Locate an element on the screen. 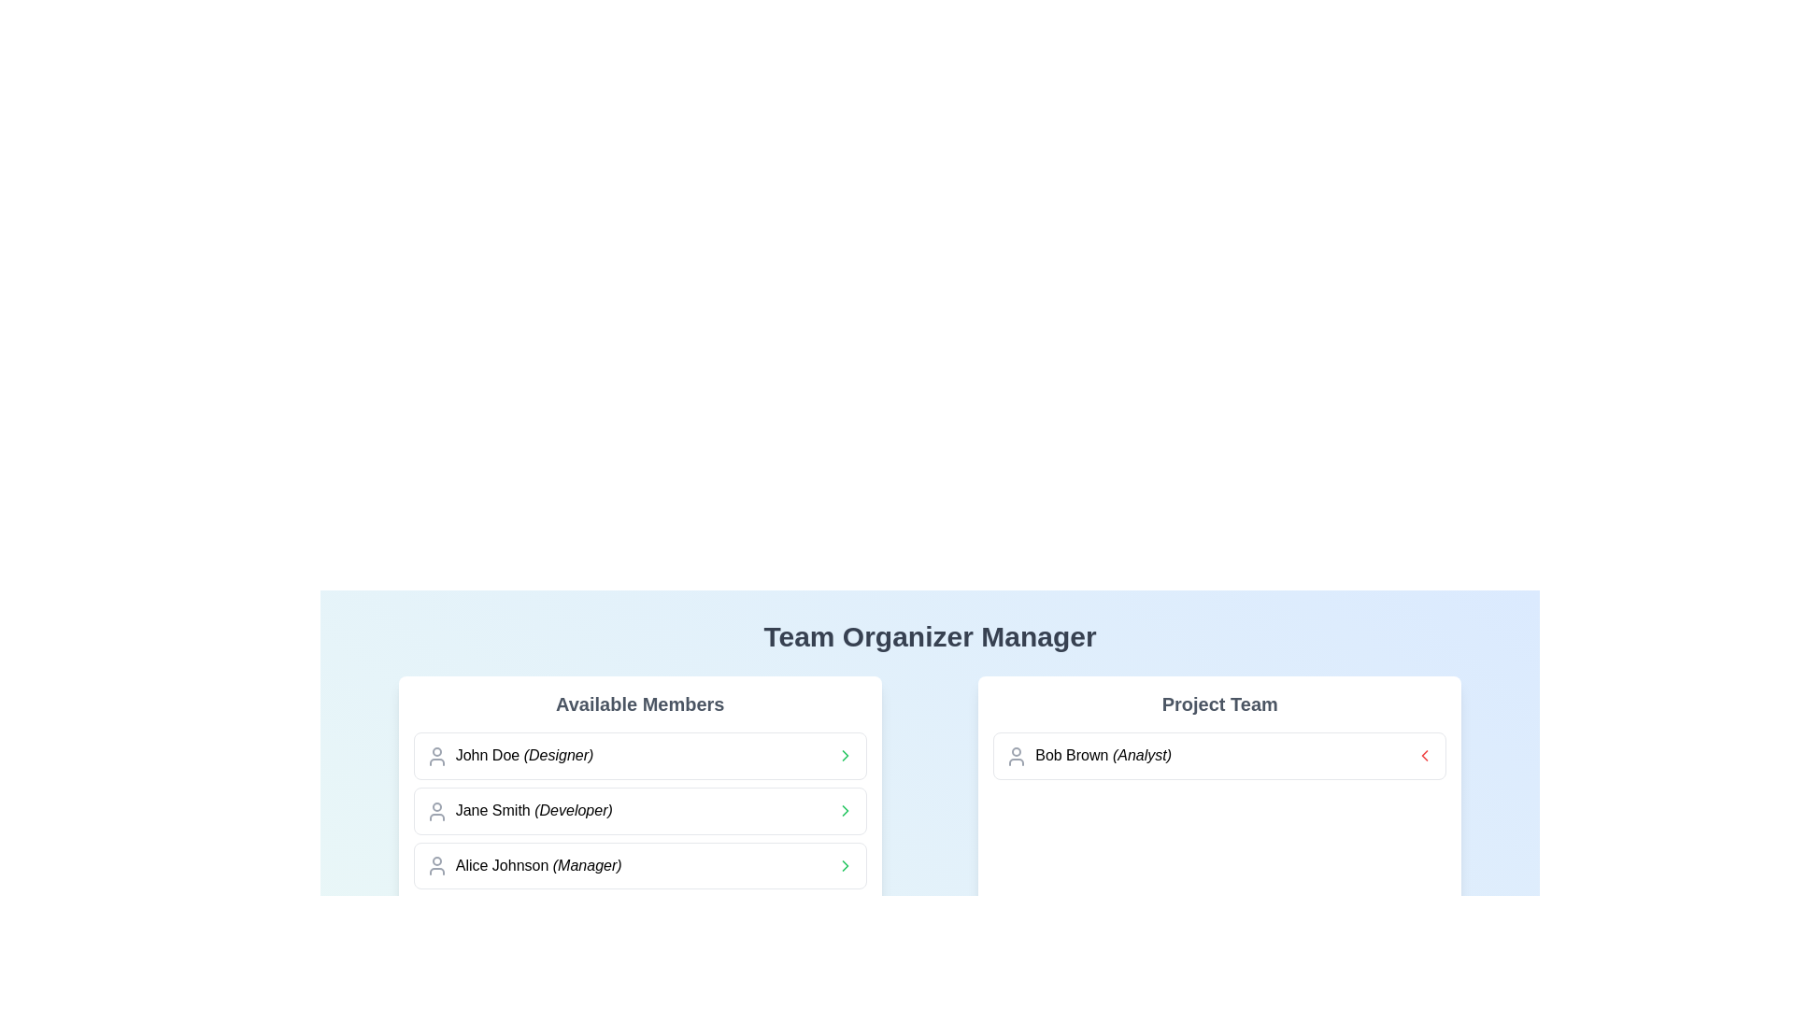  the chevron icon located to the right of 'Alice Johnson (Manager)' in the 'Available Members' section is located at coordinates (844, 810).